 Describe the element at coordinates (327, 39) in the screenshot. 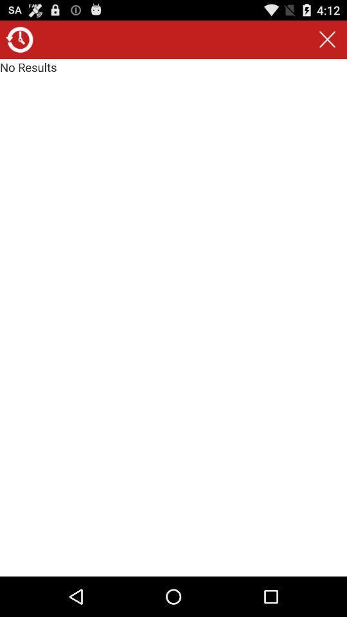

I see `the icon next to the no results item` at that location.